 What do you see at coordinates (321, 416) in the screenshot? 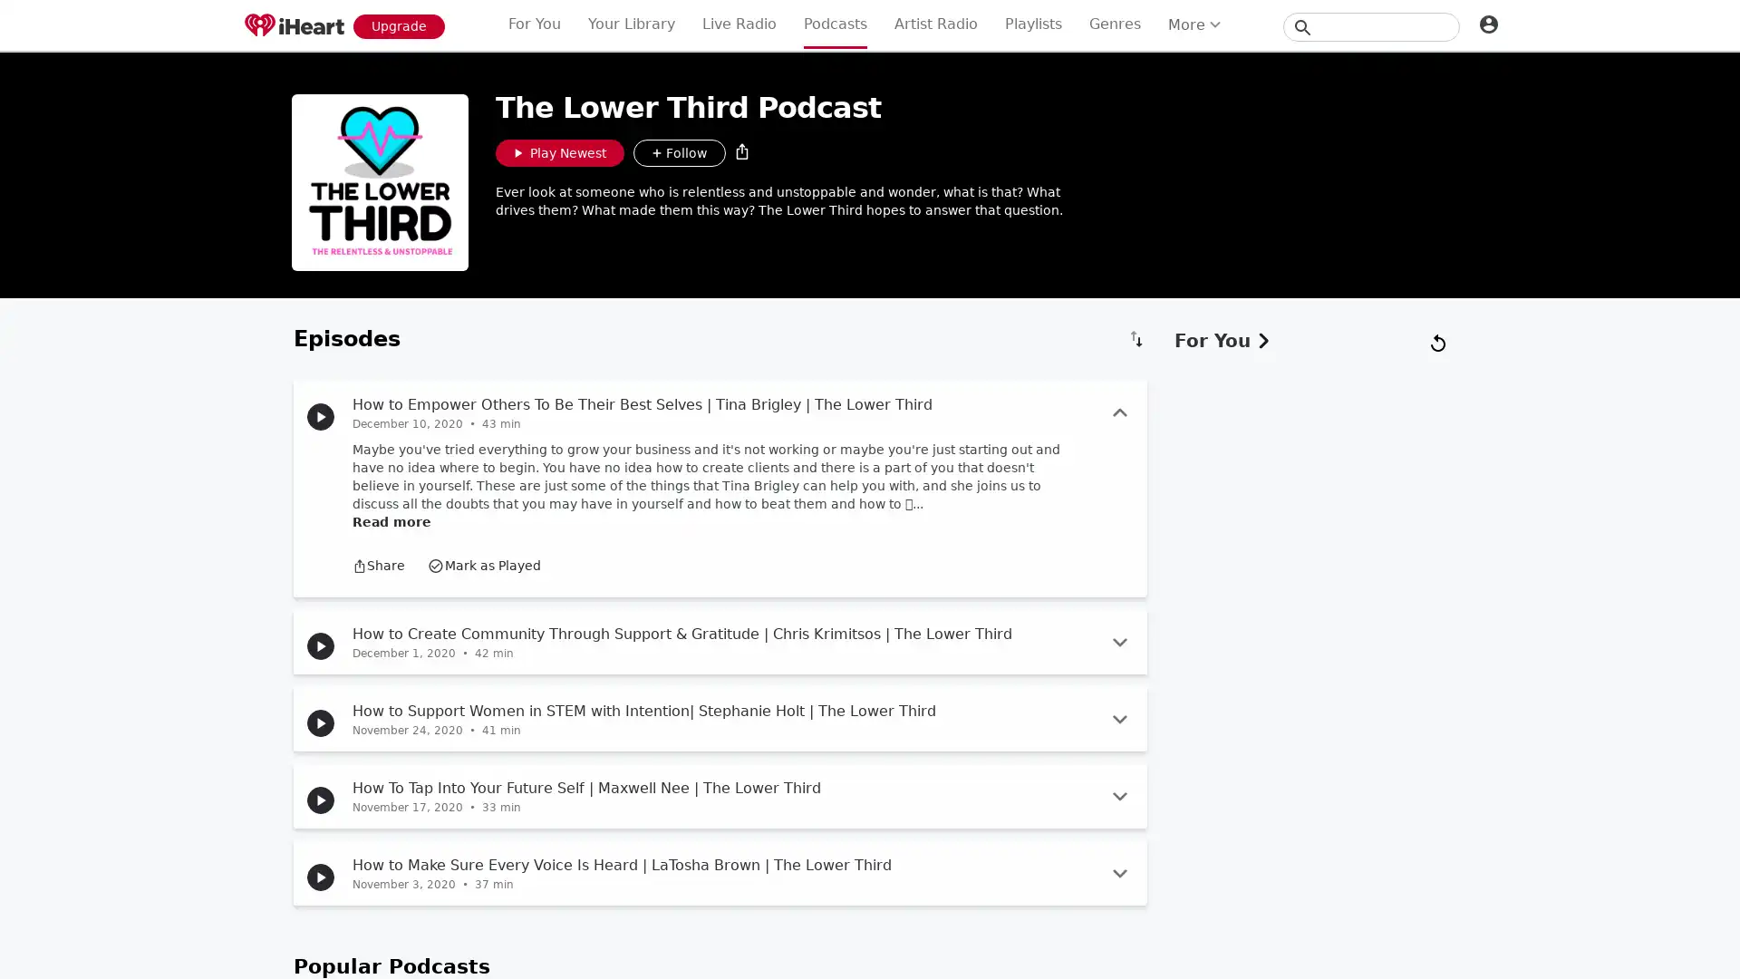
I see `Play` at bounding box center [321, 416].